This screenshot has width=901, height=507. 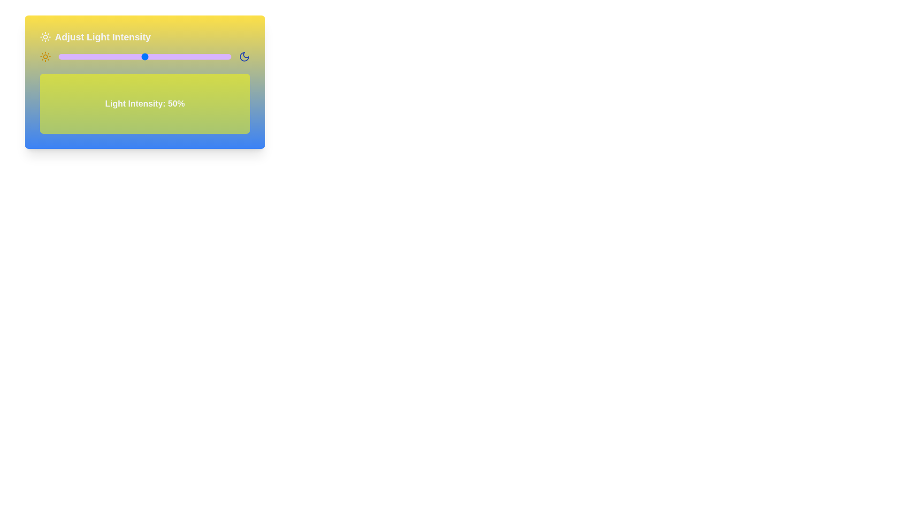 What do you see at coordinates (214, 56) in the screenshot?
I see `the light intensity to 90% by interacting with the slider` at bounding box center [214, 56].